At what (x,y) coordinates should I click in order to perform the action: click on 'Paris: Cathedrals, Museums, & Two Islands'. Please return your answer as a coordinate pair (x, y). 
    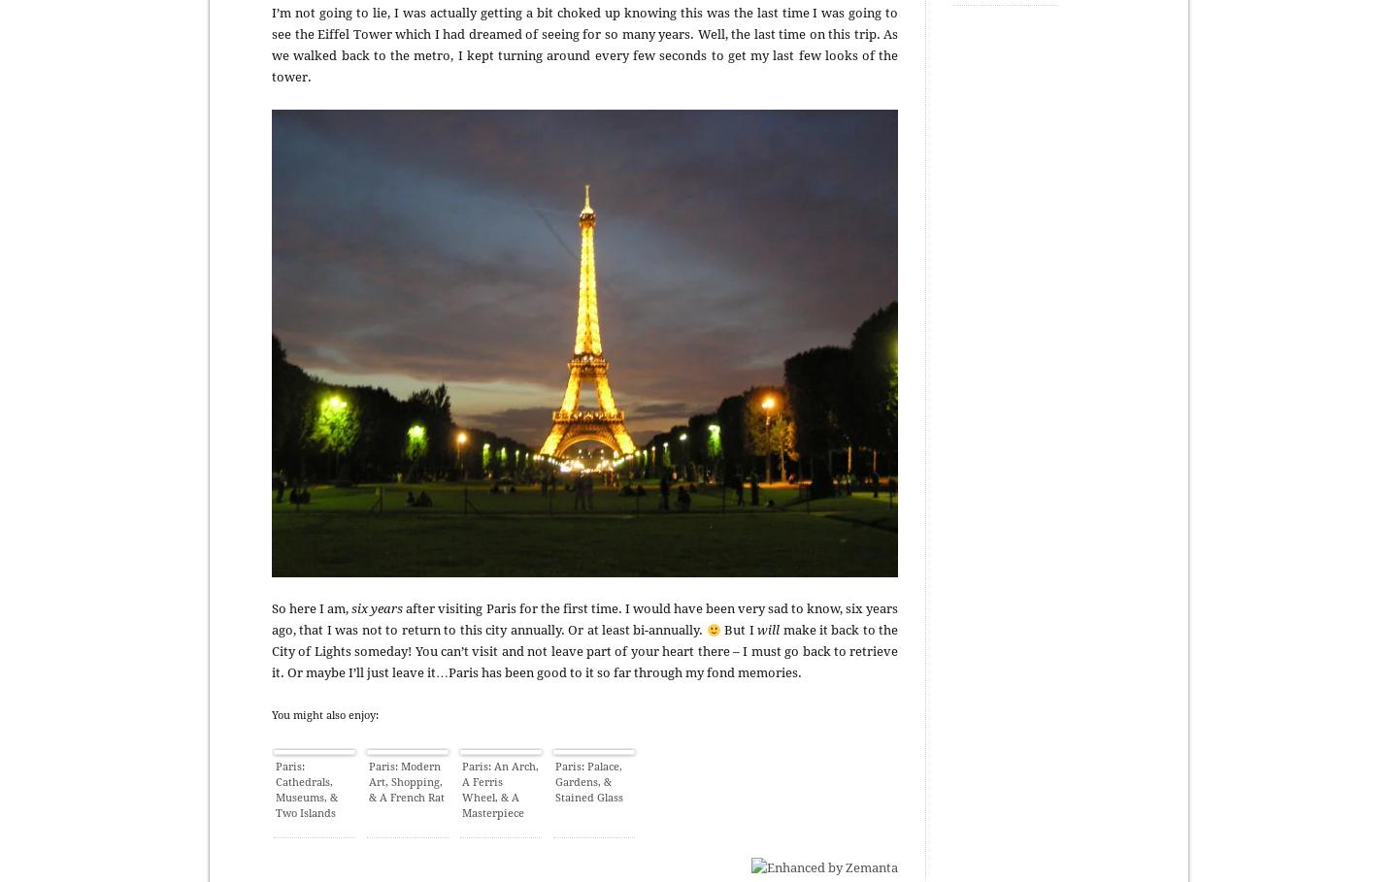
    Looking at the image, I should click on (306, 790).